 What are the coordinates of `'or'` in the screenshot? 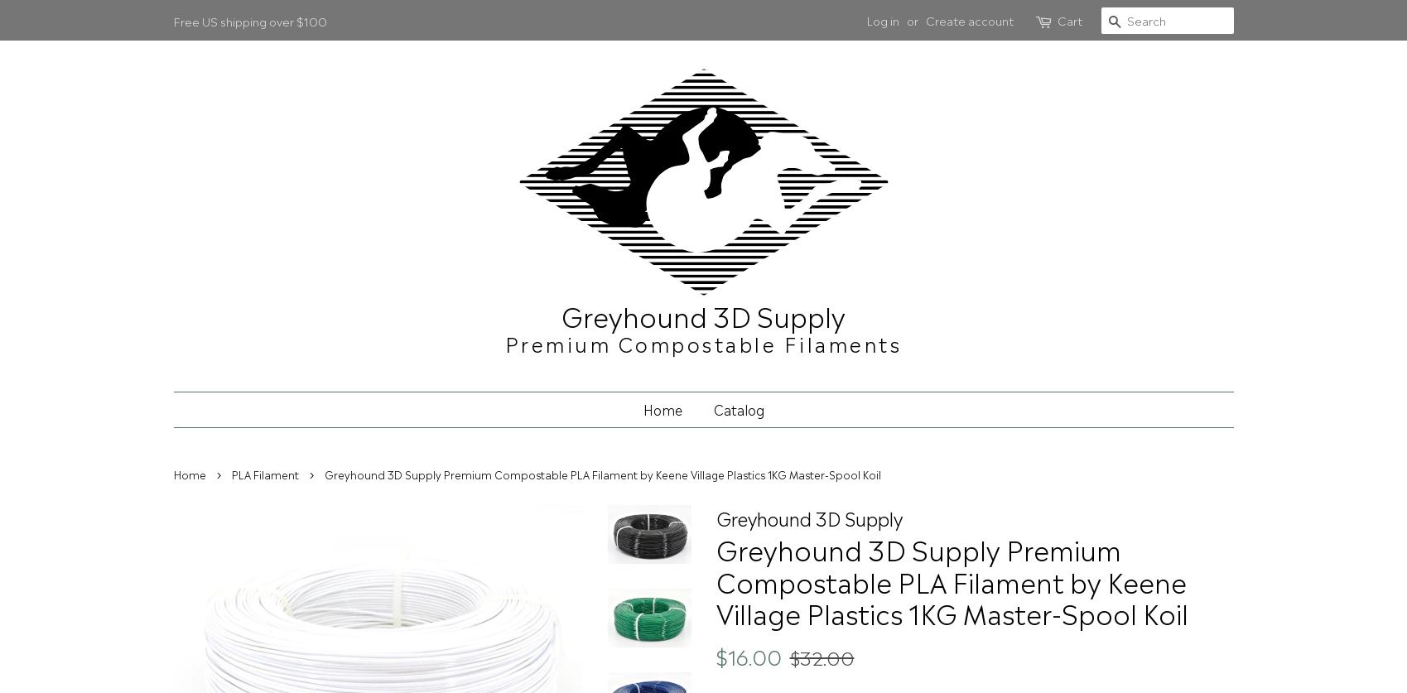 It's located at (910, 19).